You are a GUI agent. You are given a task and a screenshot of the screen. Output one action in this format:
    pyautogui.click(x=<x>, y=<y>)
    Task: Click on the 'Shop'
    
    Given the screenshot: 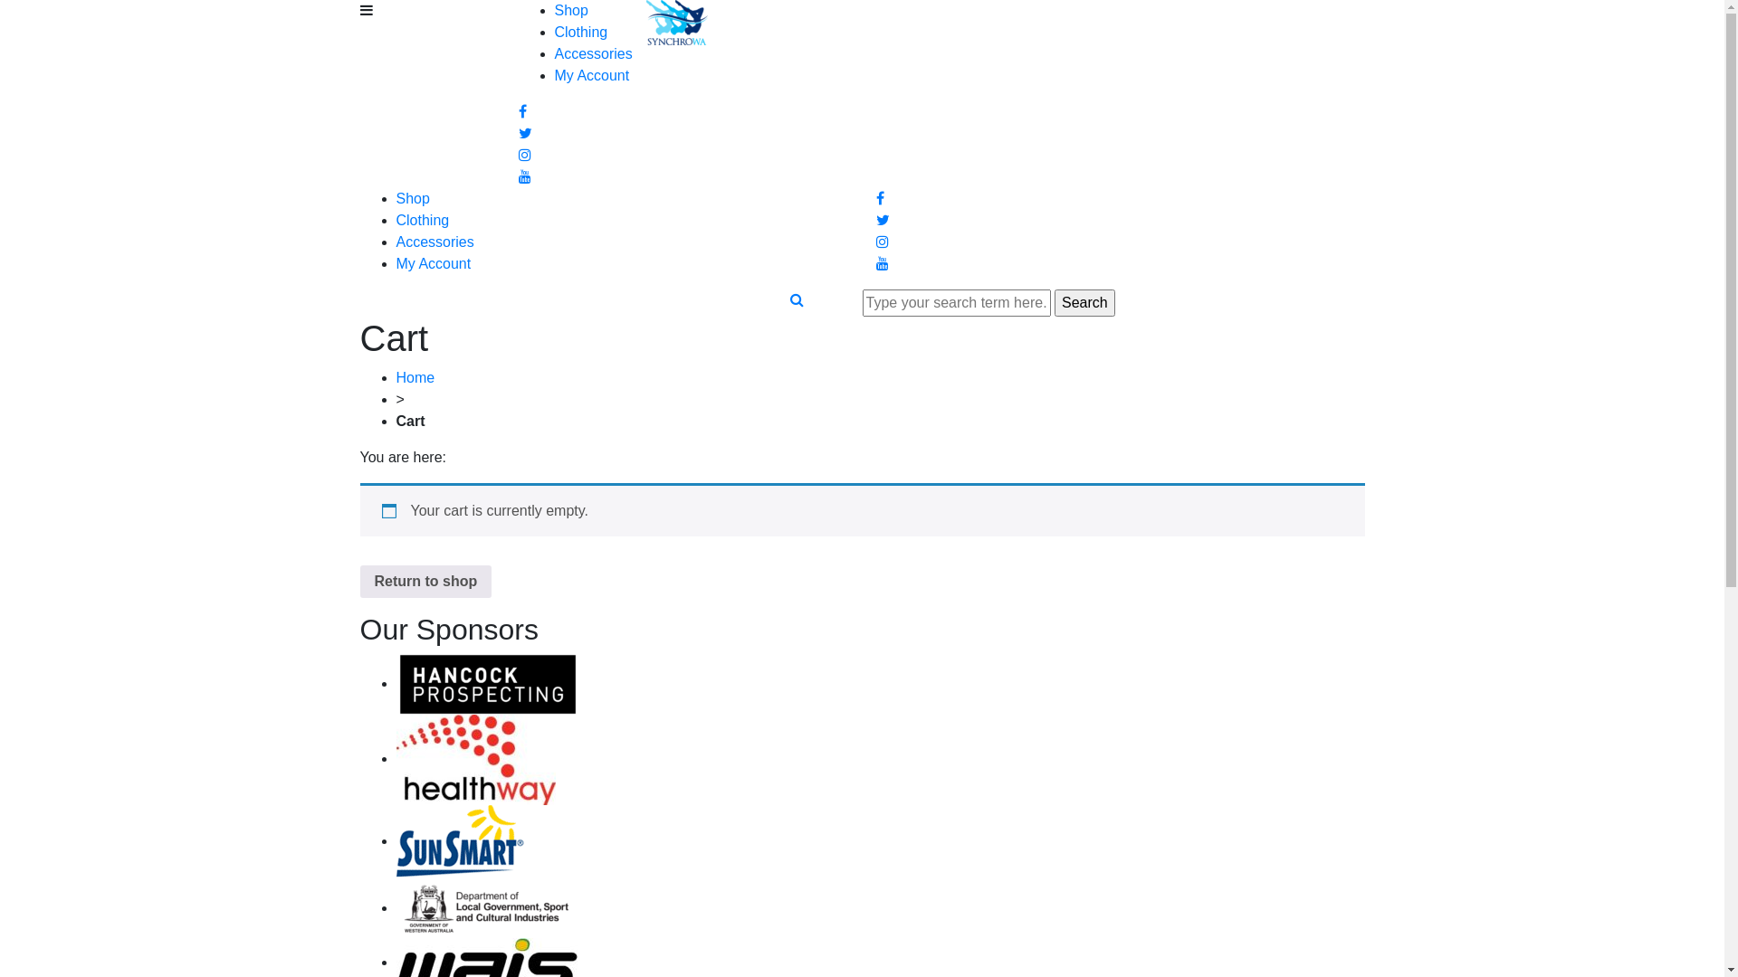 What is the action you would take?
    pyautogui.click(x=412, y=198)
    